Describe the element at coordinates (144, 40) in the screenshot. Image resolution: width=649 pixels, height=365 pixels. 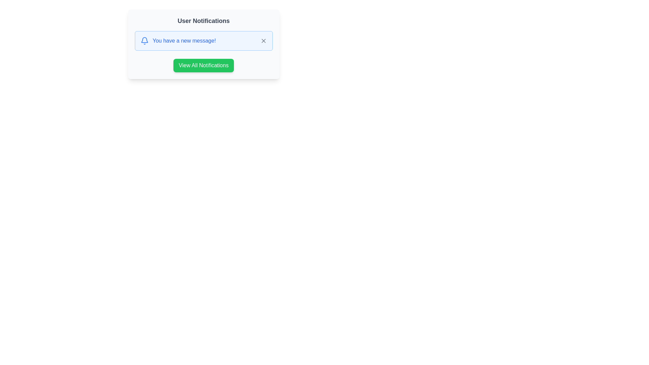
I see `the notification icon located` at that location.